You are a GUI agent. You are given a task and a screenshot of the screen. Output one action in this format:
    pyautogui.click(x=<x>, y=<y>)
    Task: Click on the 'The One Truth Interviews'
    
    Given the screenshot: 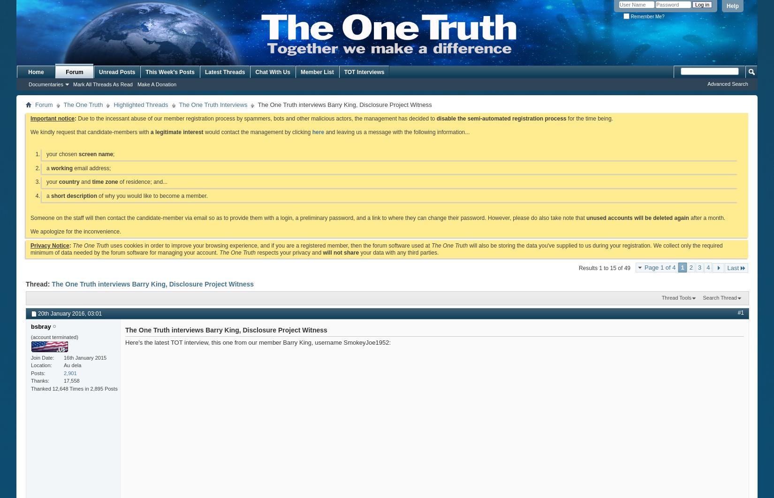 What is the action you would take?
    pyautogui.click(x=212, y=105)
    